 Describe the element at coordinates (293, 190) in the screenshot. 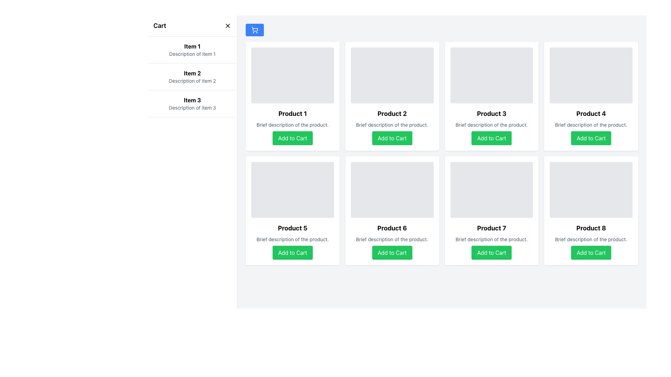

I see `the Image Placeholder, which is a gray rectangular block with rounded corners located at the top of the card labeled 'Product 5'` at that location.